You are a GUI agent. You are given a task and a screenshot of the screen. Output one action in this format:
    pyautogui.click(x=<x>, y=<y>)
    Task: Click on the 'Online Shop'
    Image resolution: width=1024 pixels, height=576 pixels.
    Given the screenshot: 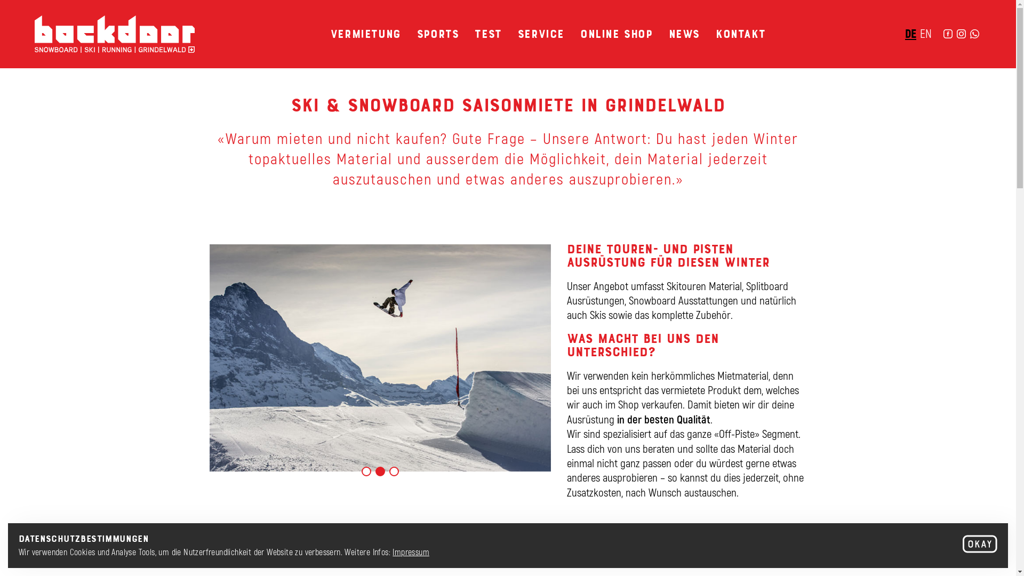 What is the action you would take?
    pyautogui.click(x=617, y=32)
    